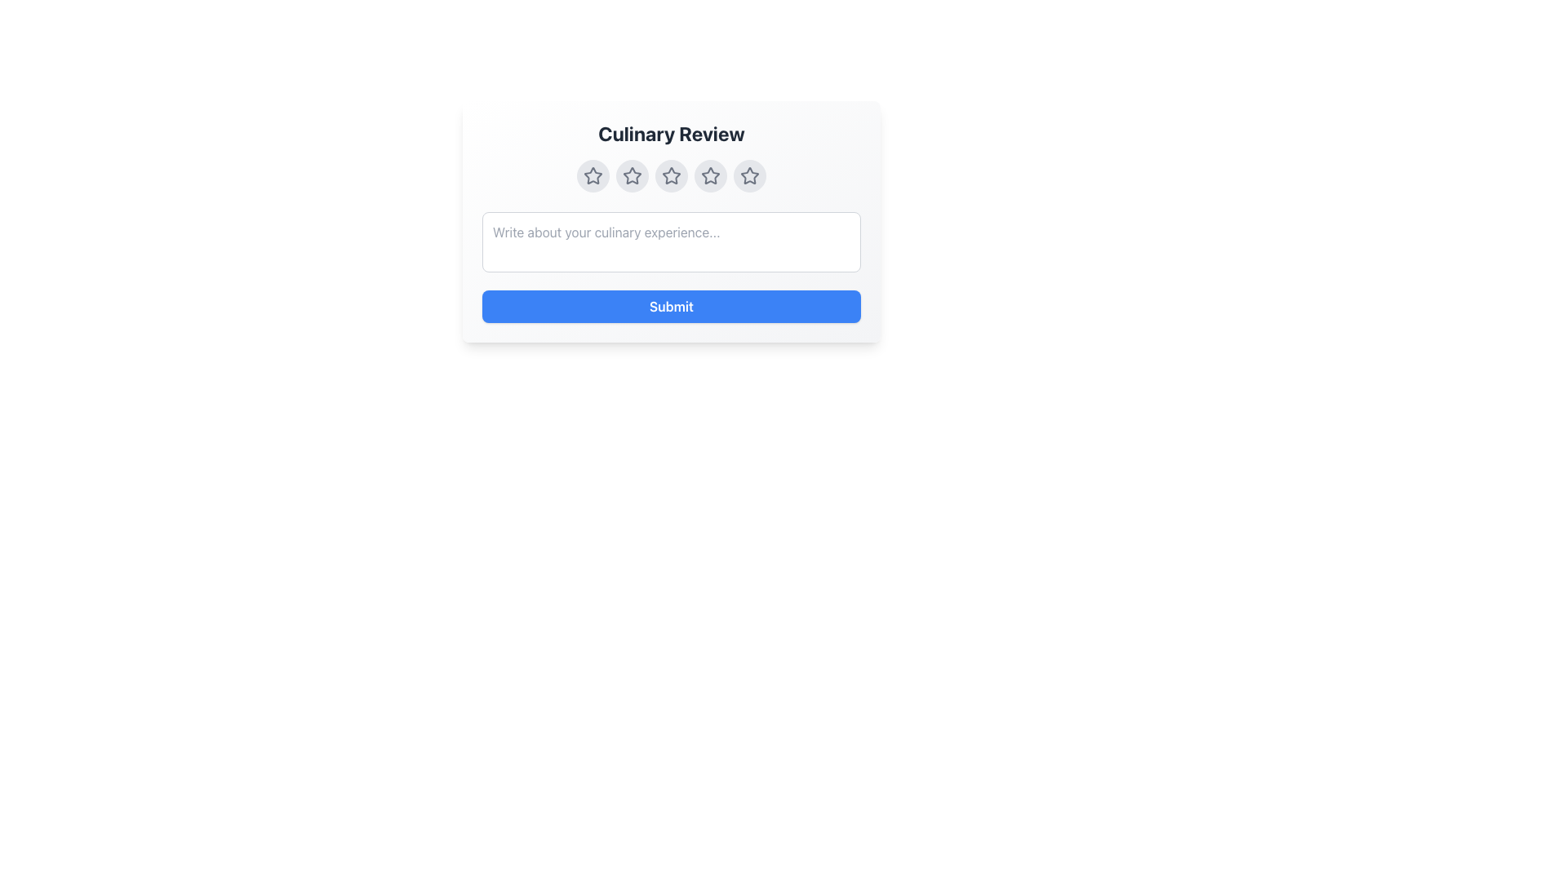 The width and height of the screenshot is (1567, 881). What do you see at coordinates (592, 176) in the screenshot?
I see `the first star-shaped icon within the circular button in the rating system below the 'Culinary Review' heading` at bounding box center [592, 176].